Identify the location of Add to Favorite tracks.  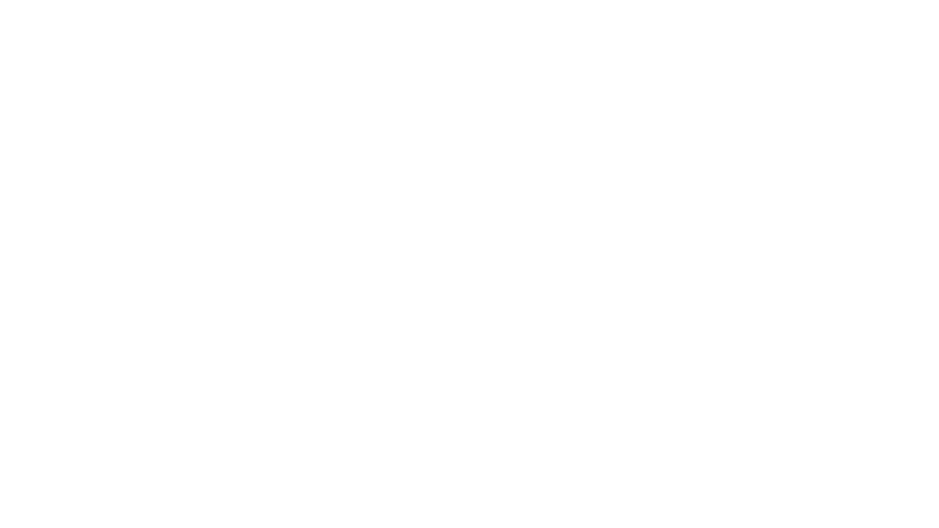
(301, 368).